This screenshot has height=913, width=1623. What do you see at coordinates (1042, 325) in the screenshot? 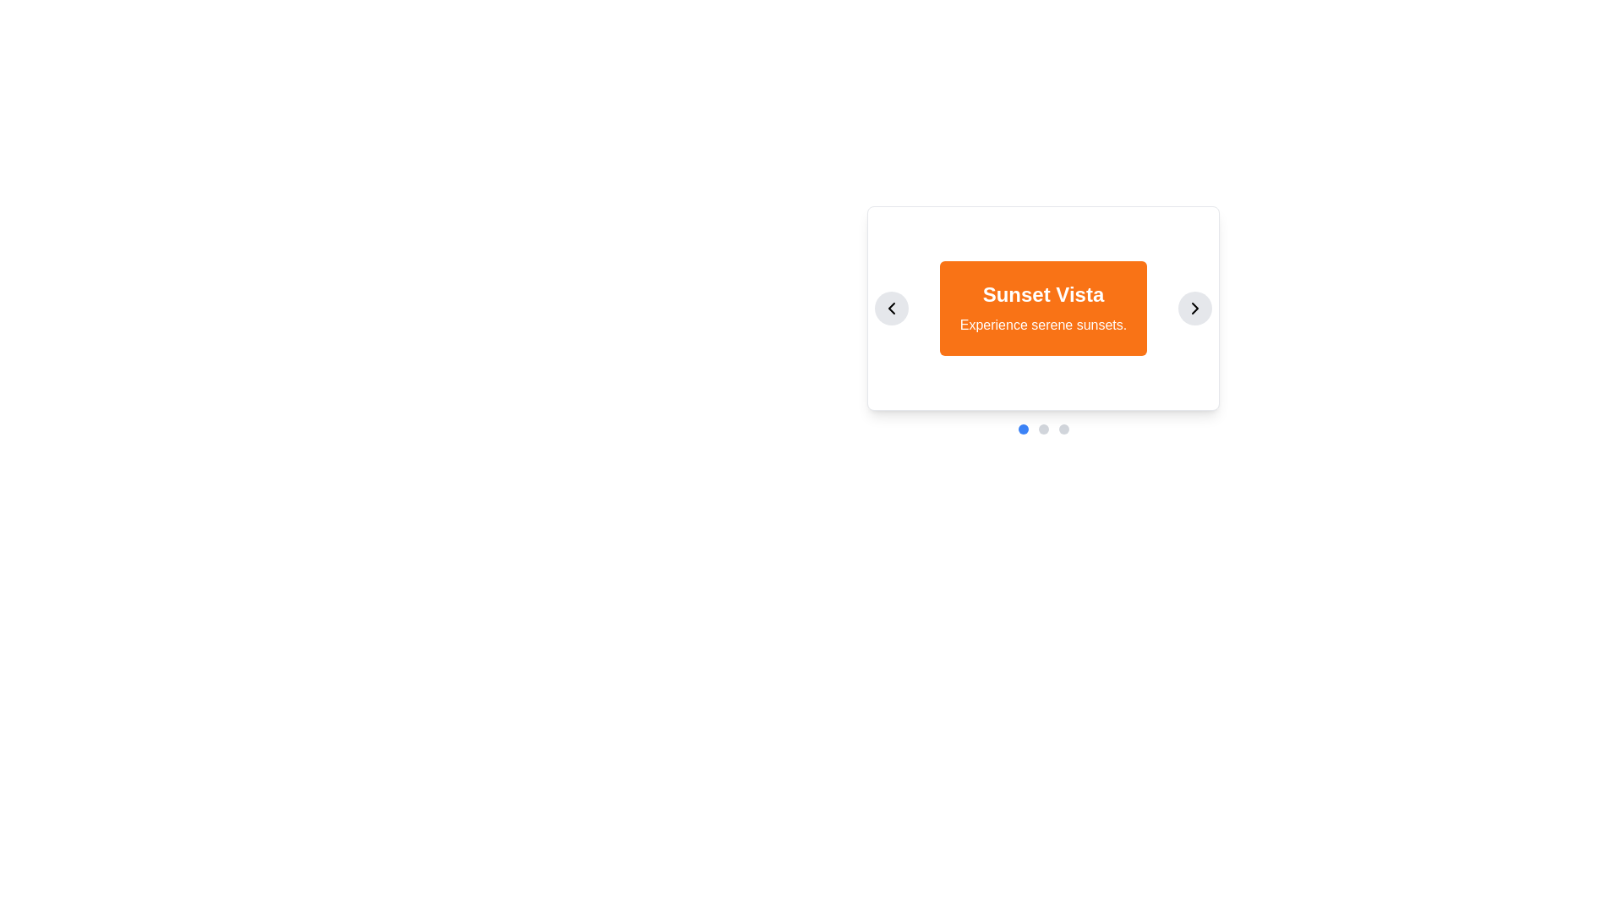
I see `text content of the text block displaying 'Experience serene sunsets.' which is styled in white font against an orange background, located below 'Sunset Vista'` at bounding box center [1042, 325].